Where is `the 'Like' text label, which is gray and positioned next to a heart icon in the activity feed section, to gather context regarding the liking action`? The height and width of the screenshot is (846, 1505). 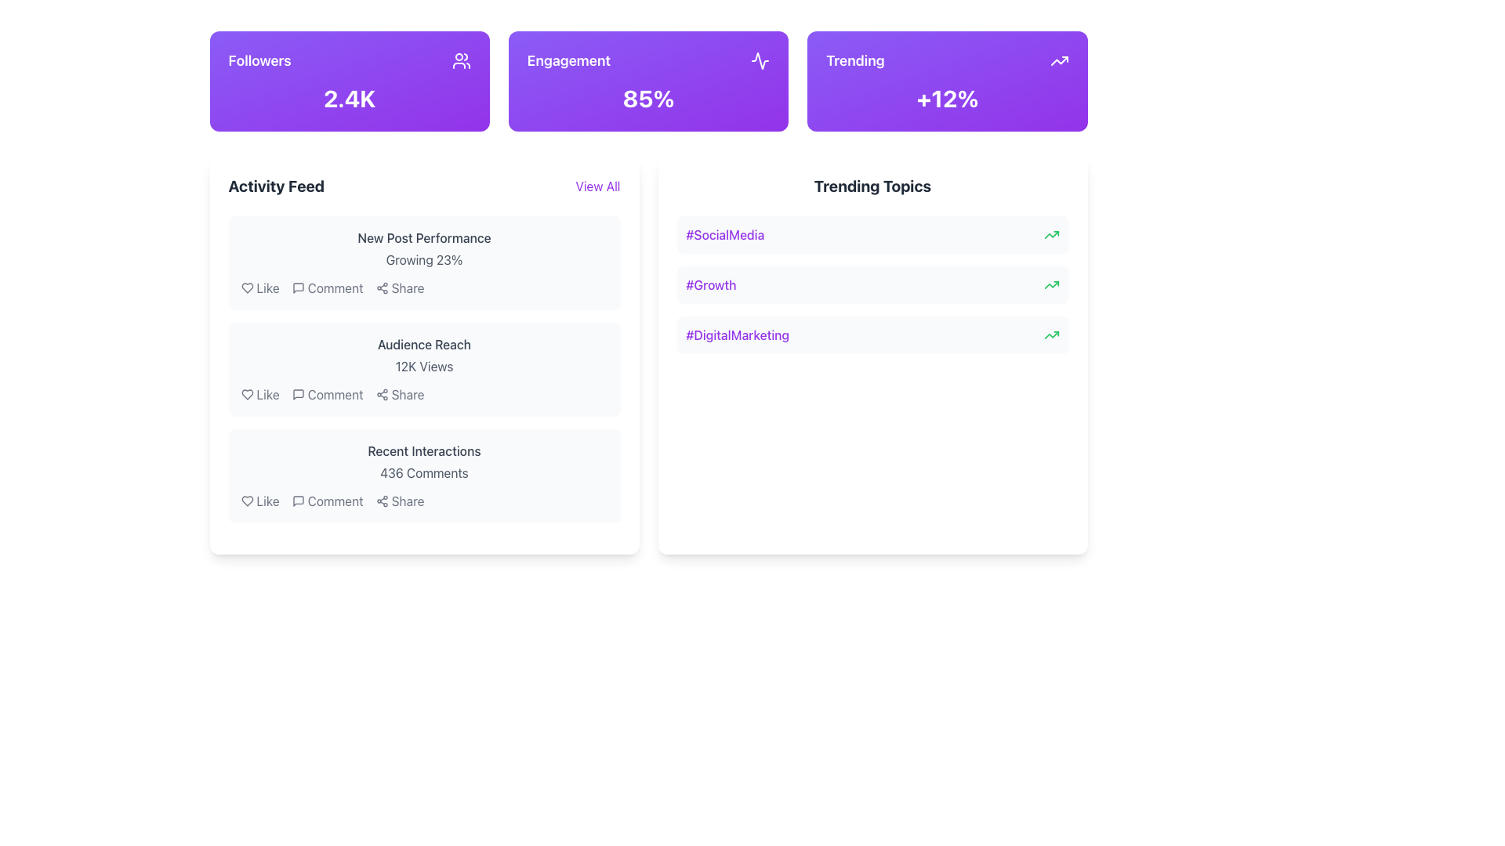
the 'Like' text label, which is gray and positioned next to a heart icon in the activity feed section, to gather context regarding the liking action is located at coordinates (268, 501).